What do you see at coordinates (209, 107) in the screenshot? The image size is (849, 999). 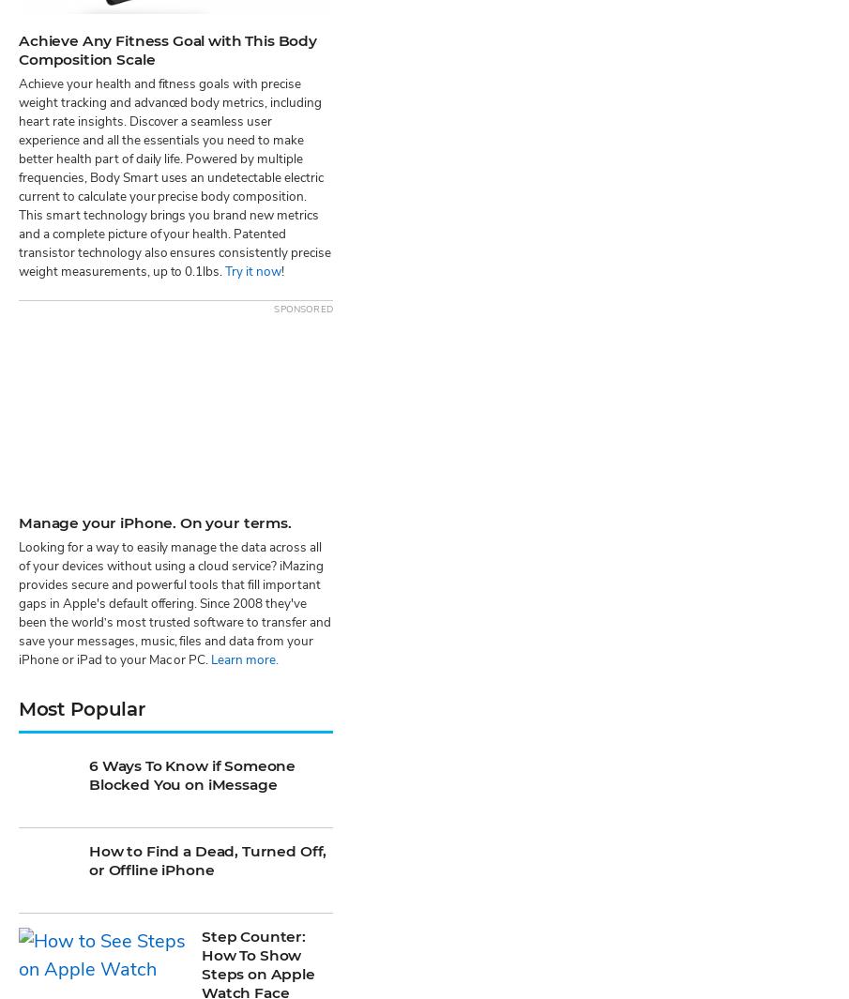 I see `'Learn more.'` at bounding box center [209, 107].